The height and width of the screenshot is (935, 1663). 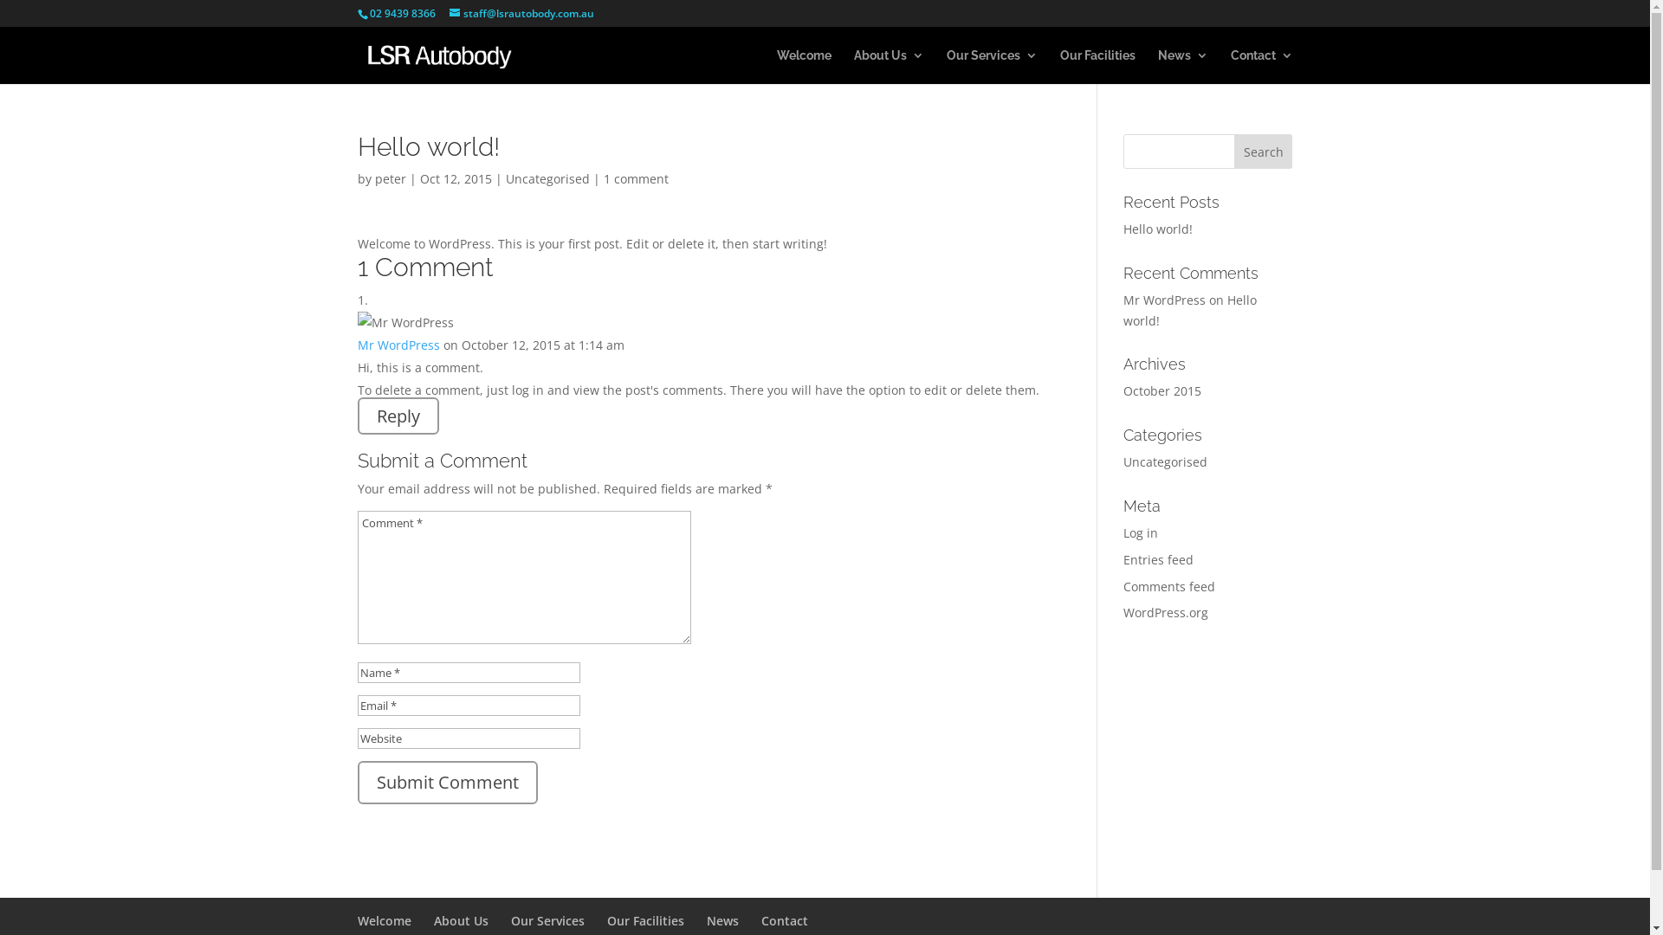 I want to click on 'Reply', so click(x=397, y=416).